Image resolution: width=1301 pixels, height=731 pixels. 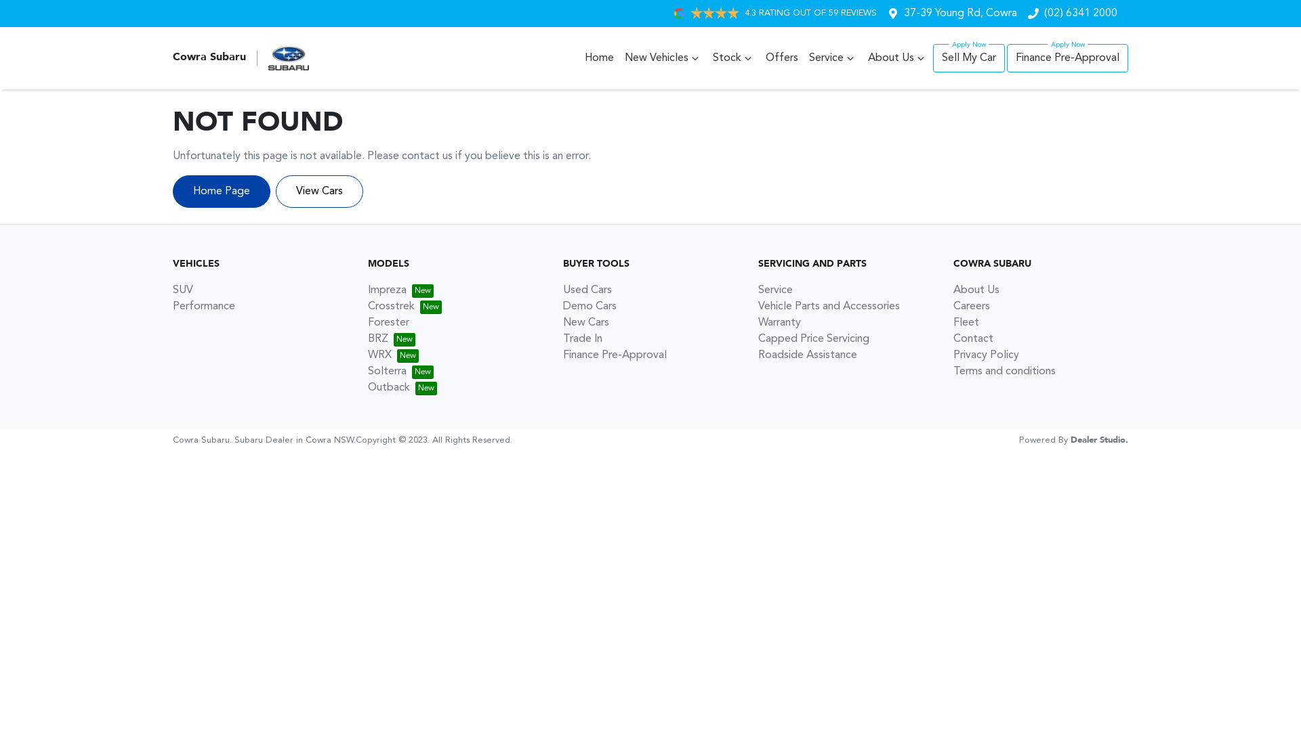 I want to click on '(02) 6341 2000', so click(x=1079, y=13).